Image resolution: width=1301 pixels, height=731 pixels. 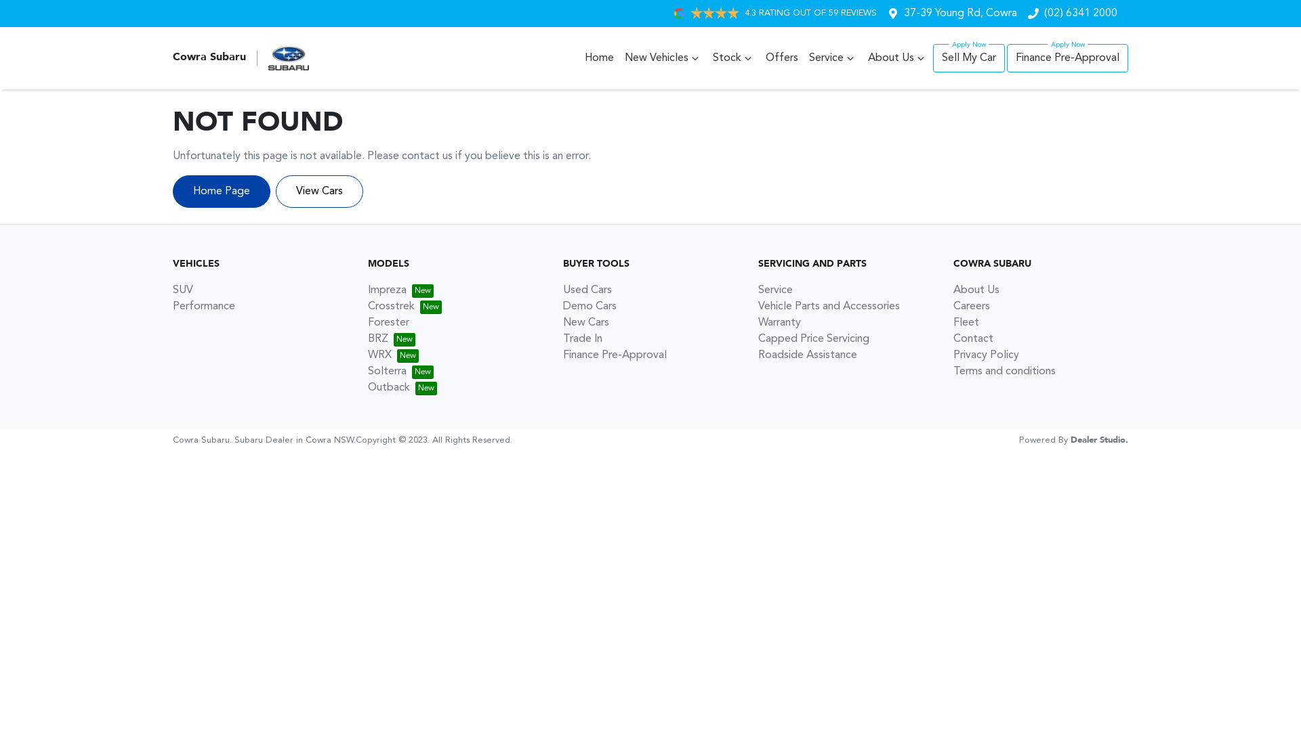 I want to click on '(02) 6341 2000', so click(x=1079, y=13).